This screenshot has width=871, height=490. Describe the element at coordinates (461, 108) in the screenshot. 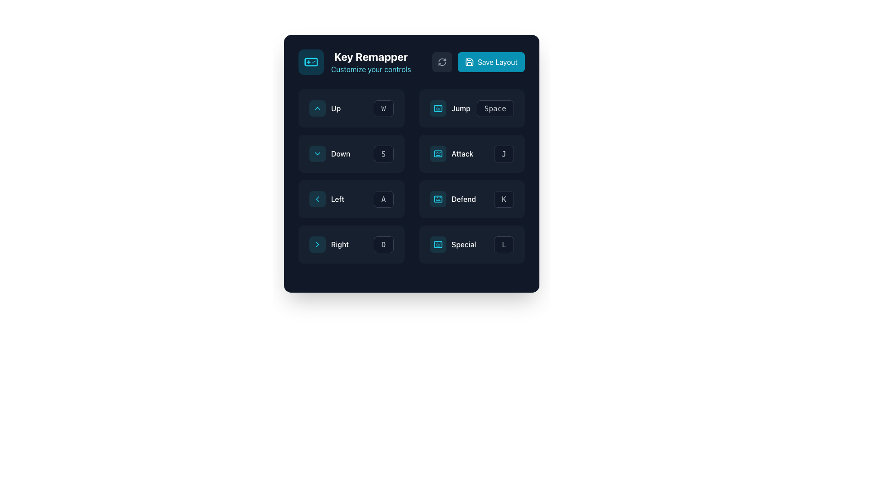

I see `the 'Jump' text label, which is styled in white font, medium weight, and capitalized, located in the second column and second row of the grid layout, adjacent to an icon on the left and the label 'Space' on the right` at that location.